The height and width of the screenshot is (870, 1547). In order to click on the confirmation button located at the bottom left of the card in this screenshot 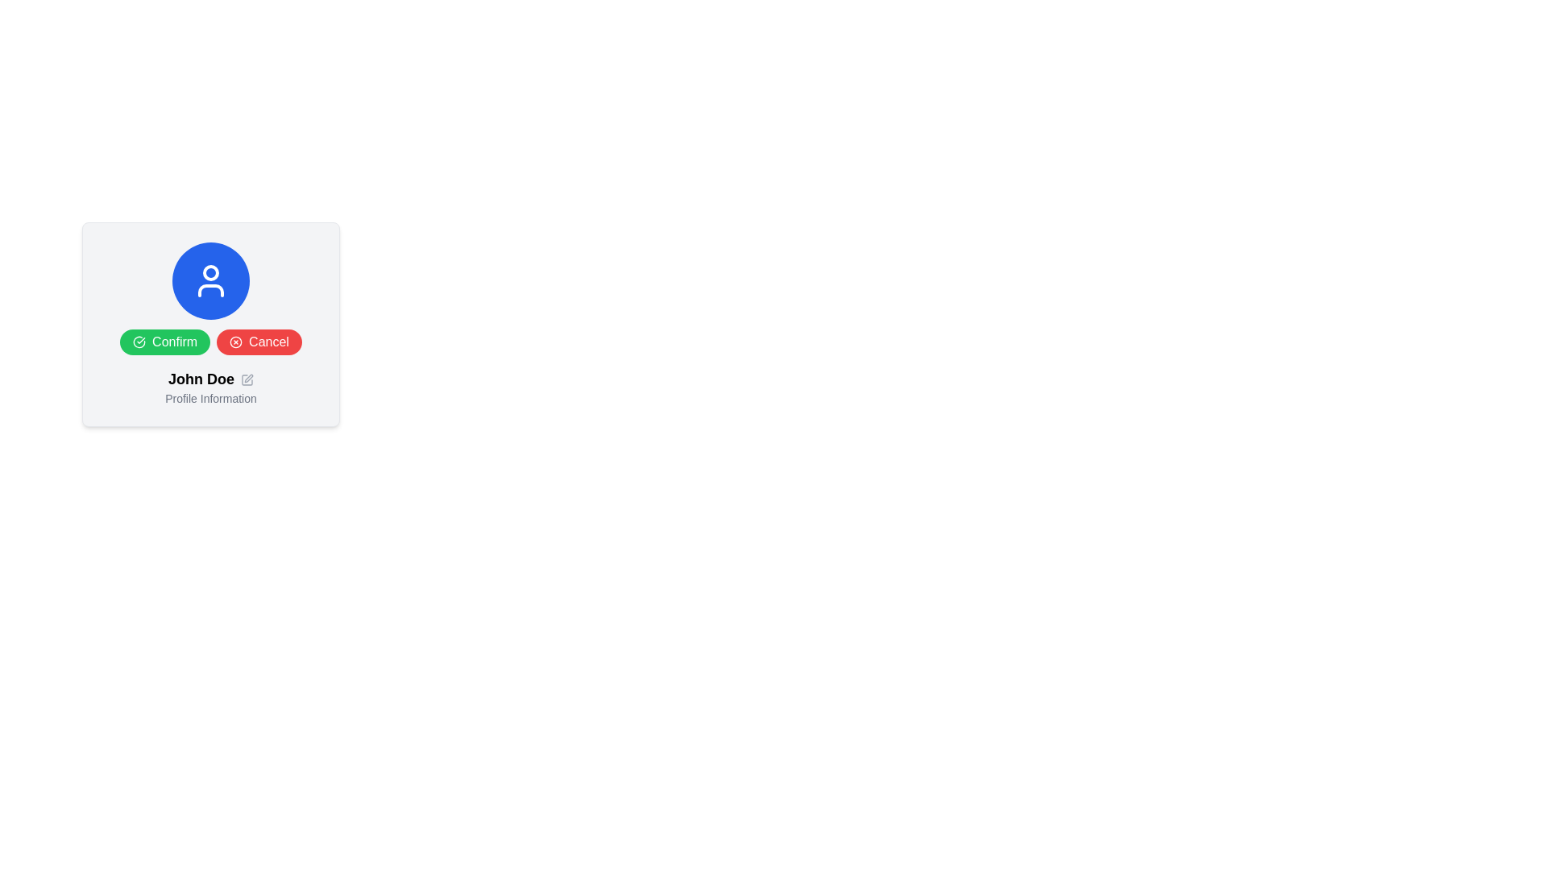, I will do `click(165, 341)`.